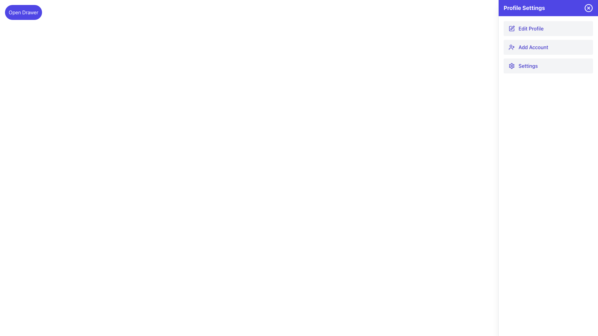 The width and height of the screenshot is (598, 336). What do you see at coordinates (531, 29) in the screenshot?
I see `the 'Edit Profile' button` at bounding box center [531, 29].